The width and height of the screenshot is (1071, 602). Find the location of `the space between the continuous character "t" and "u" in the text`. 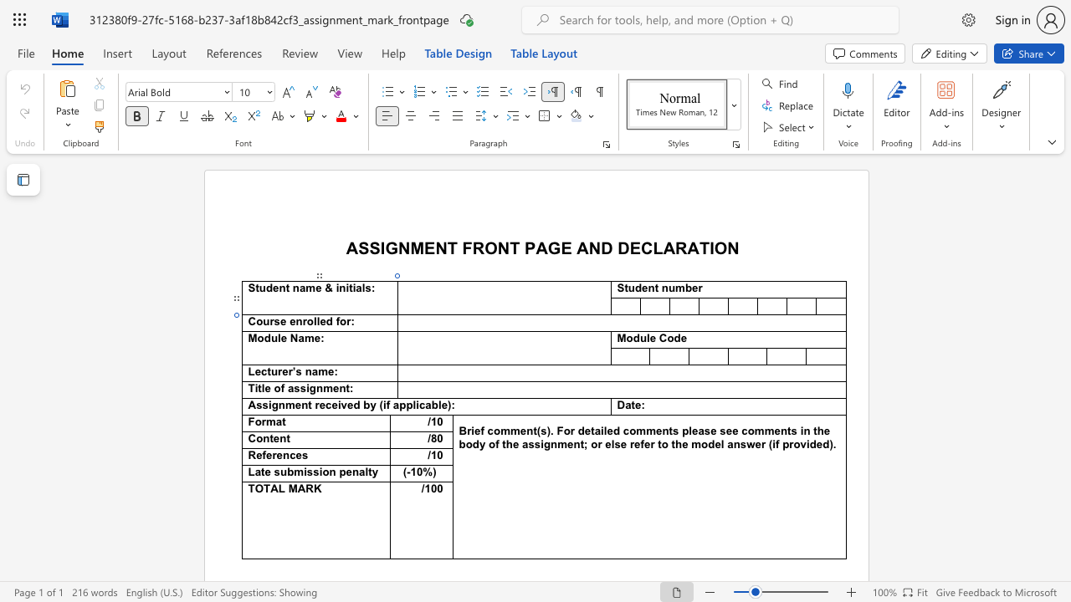

the space between the continuous character "t" and "u" in the text is located at coordinates (628, 287).